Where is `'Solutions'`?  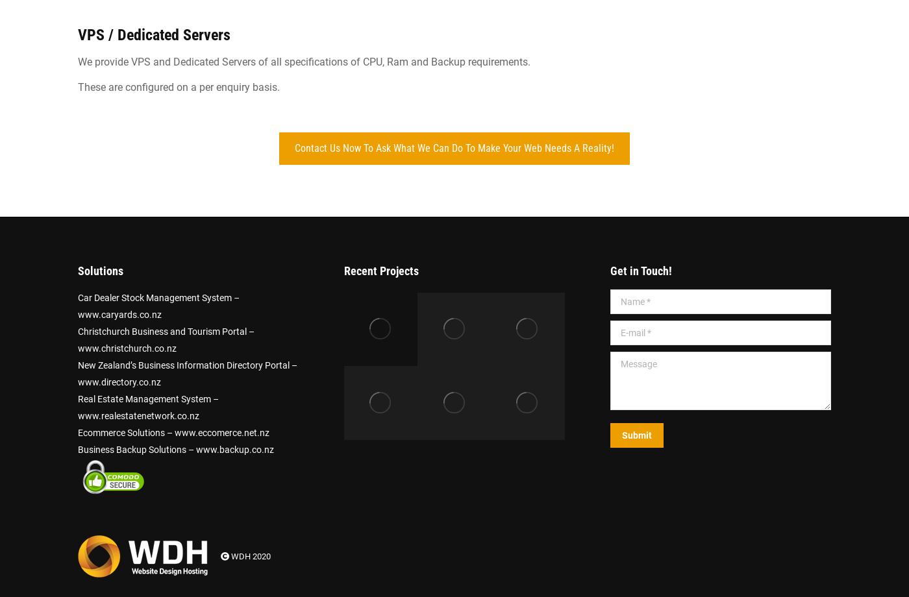 'Solutions' is located at coordinates (100, 270).